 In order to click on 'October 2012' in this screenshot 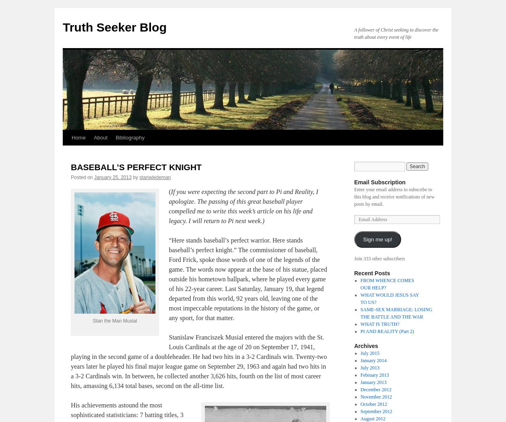, I will do `click(373, 404)`.